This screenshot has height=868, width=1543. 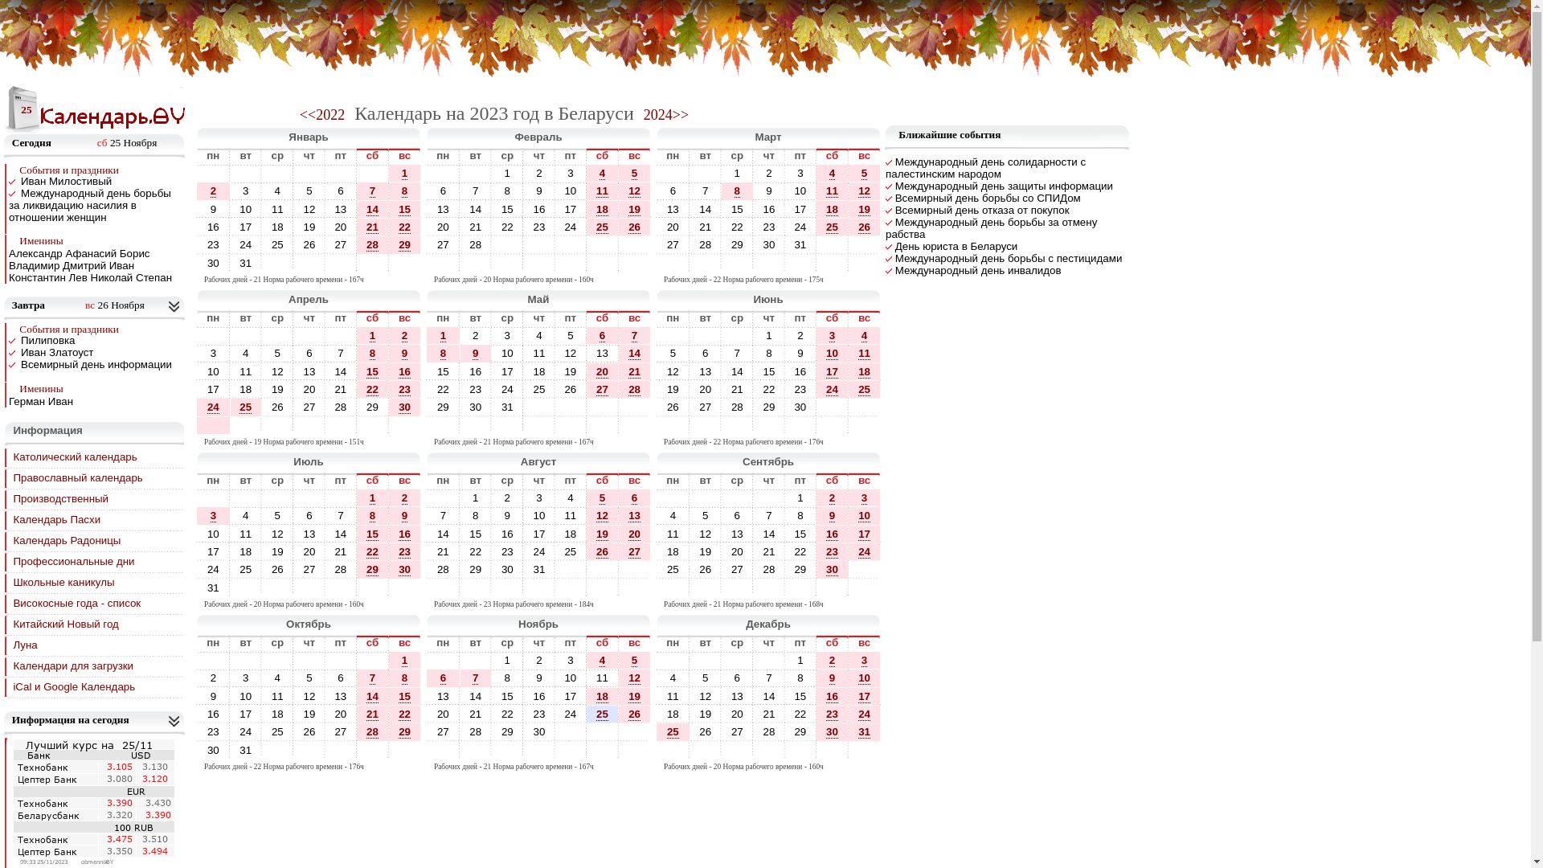 I want to click on '17', so click(x=794, y=208).